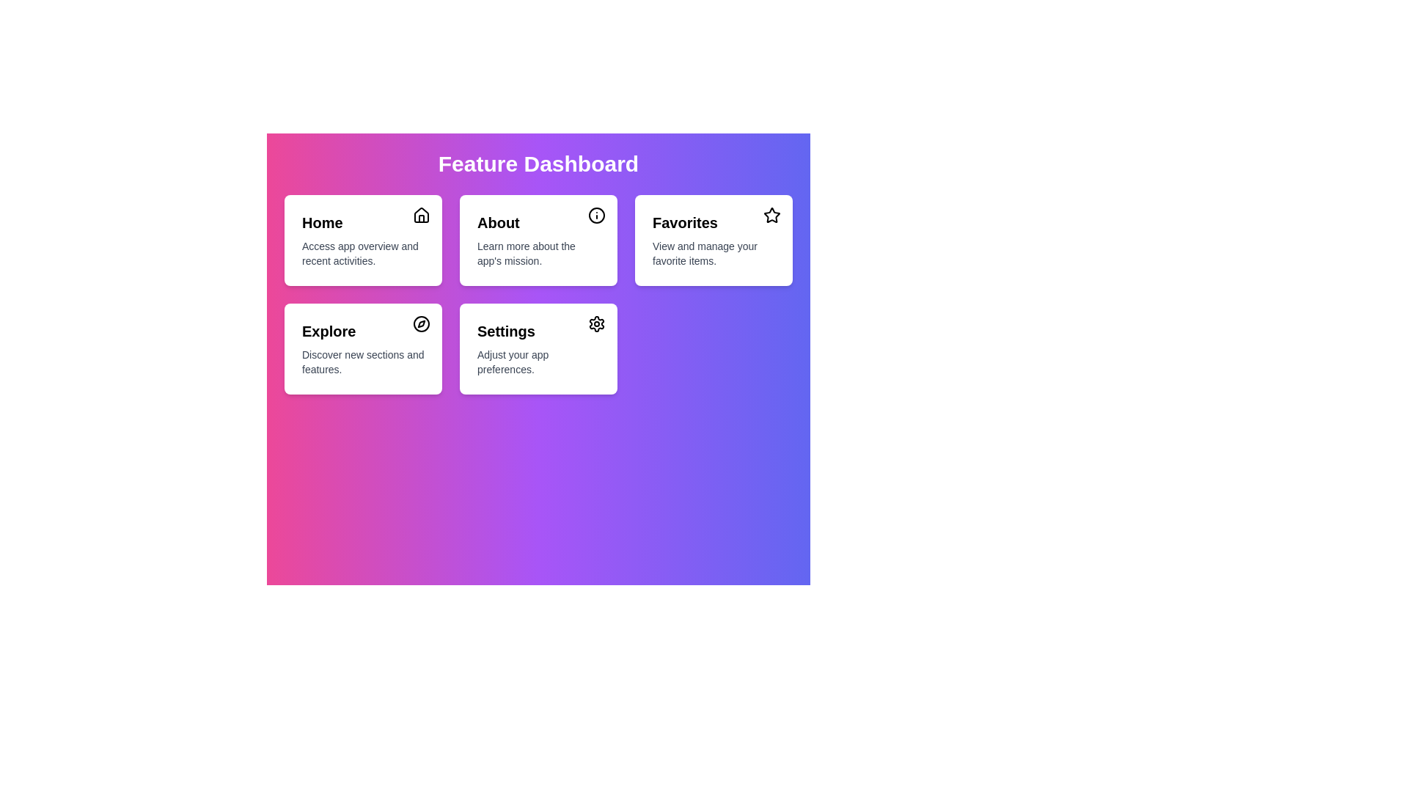 Image resolution: width=1408 pixels, height=792 pixels. Describe the element at coordinates (363, 239) in the screenshot. I see `the menu item Home to navigate to its respective section` at that location.